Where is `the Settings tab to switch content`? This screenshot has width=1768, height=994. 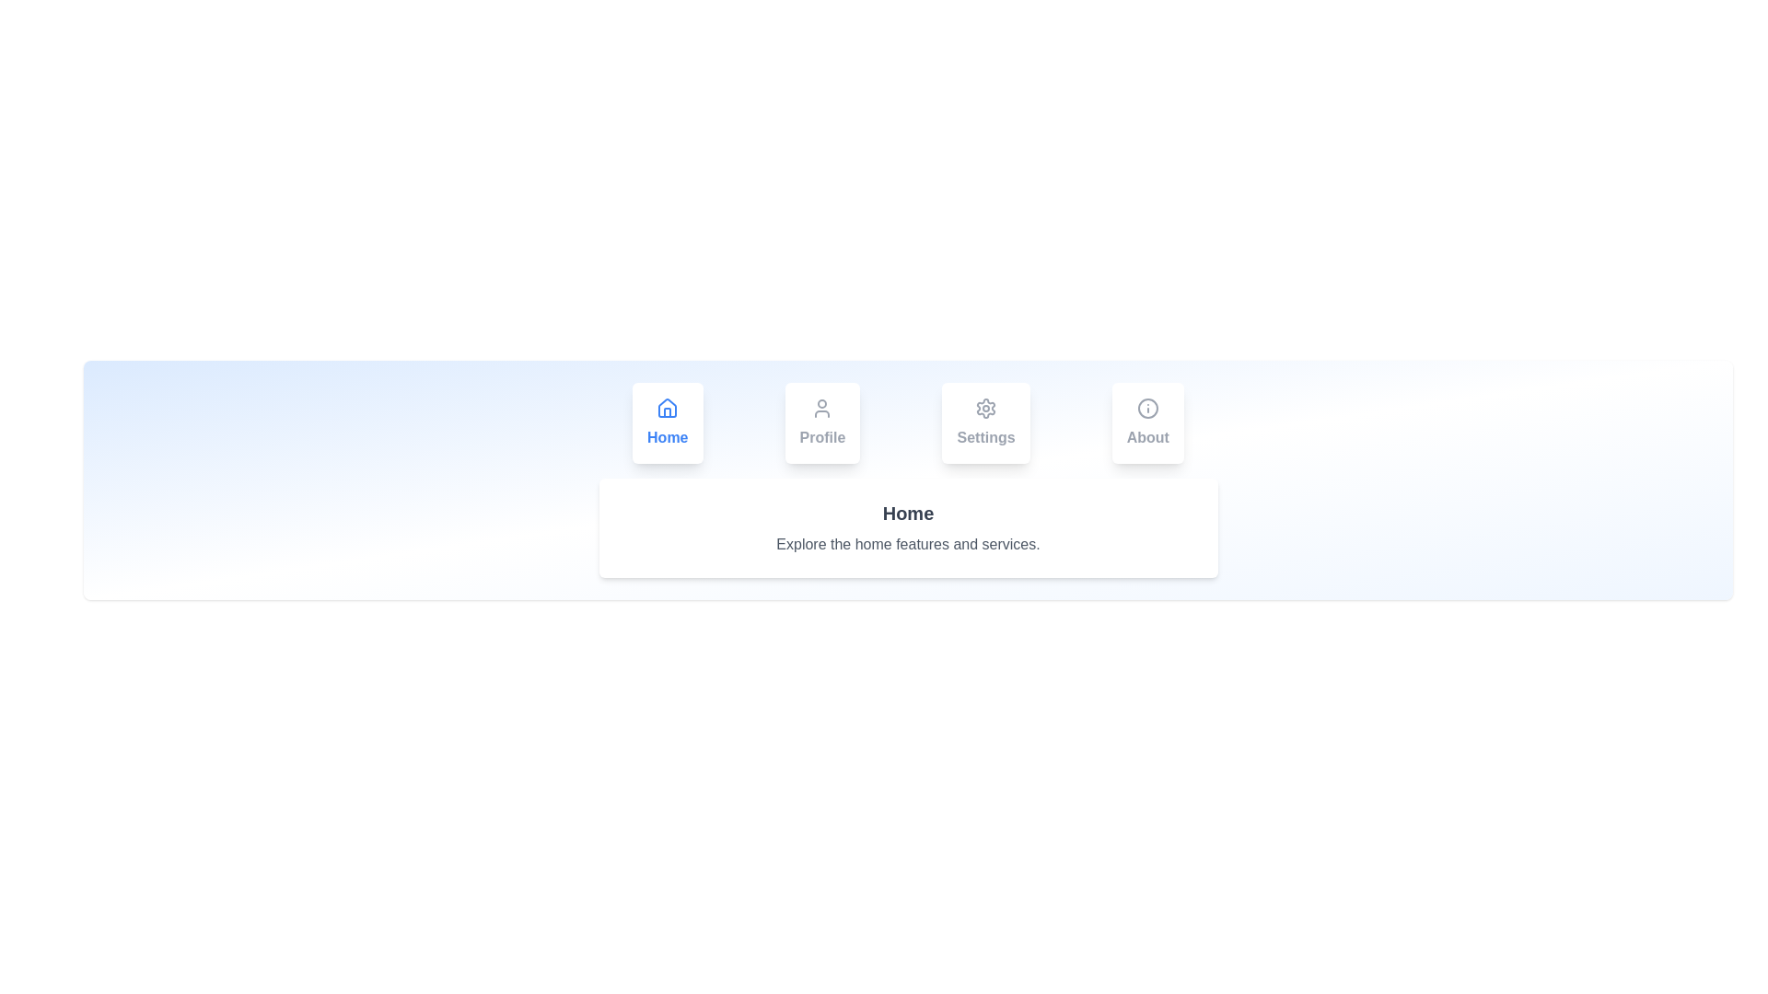
the Settings tab to switch content is located at coordinates (984, 422).